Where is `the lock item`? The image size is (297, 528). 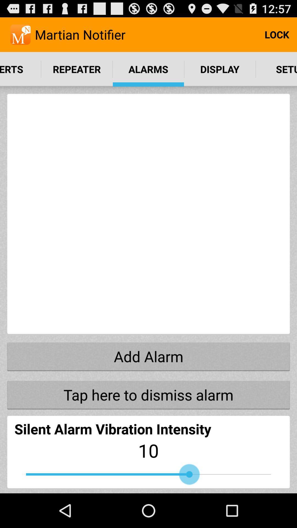 the lock item is located at coordinates (277, 34).